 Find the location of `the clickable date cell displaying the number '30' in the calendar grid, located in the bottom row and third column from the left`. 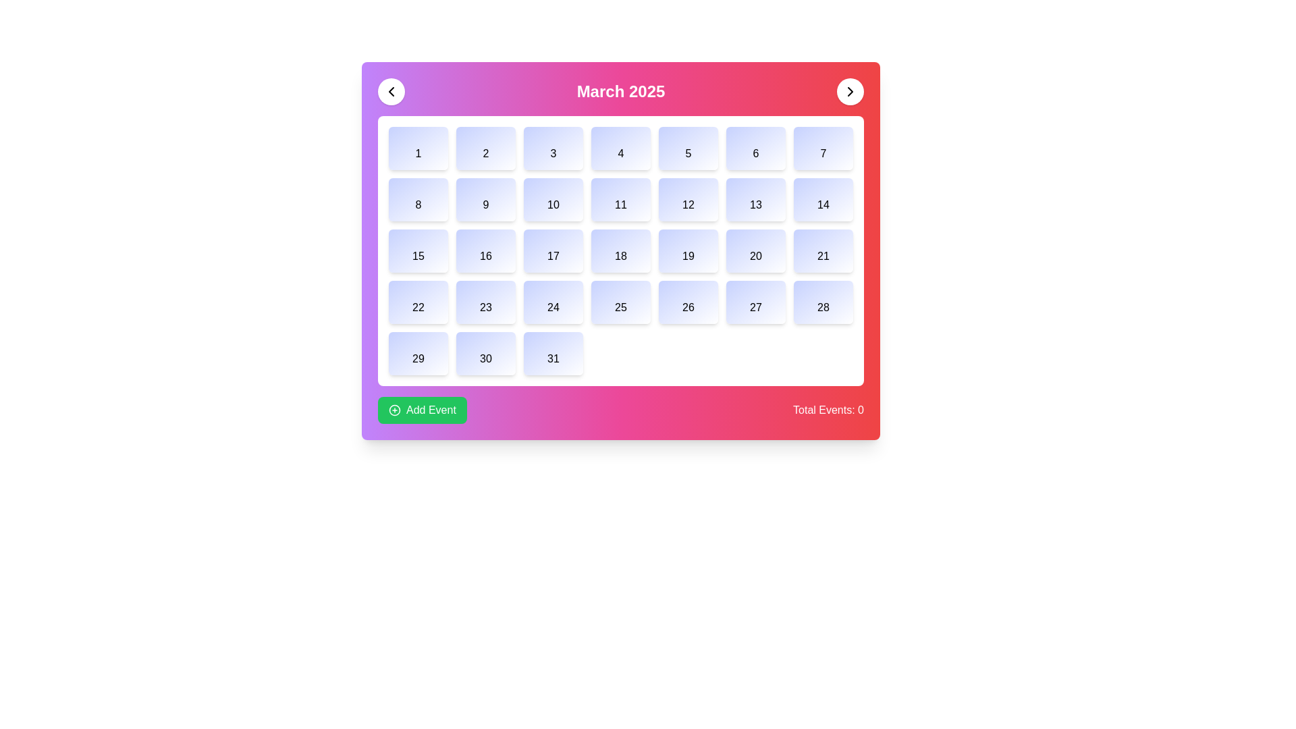

the clickable date cell displaying the number '30' in the calendar grid, located in the bottom row and third column from the left is located at coordinates (486, 353).